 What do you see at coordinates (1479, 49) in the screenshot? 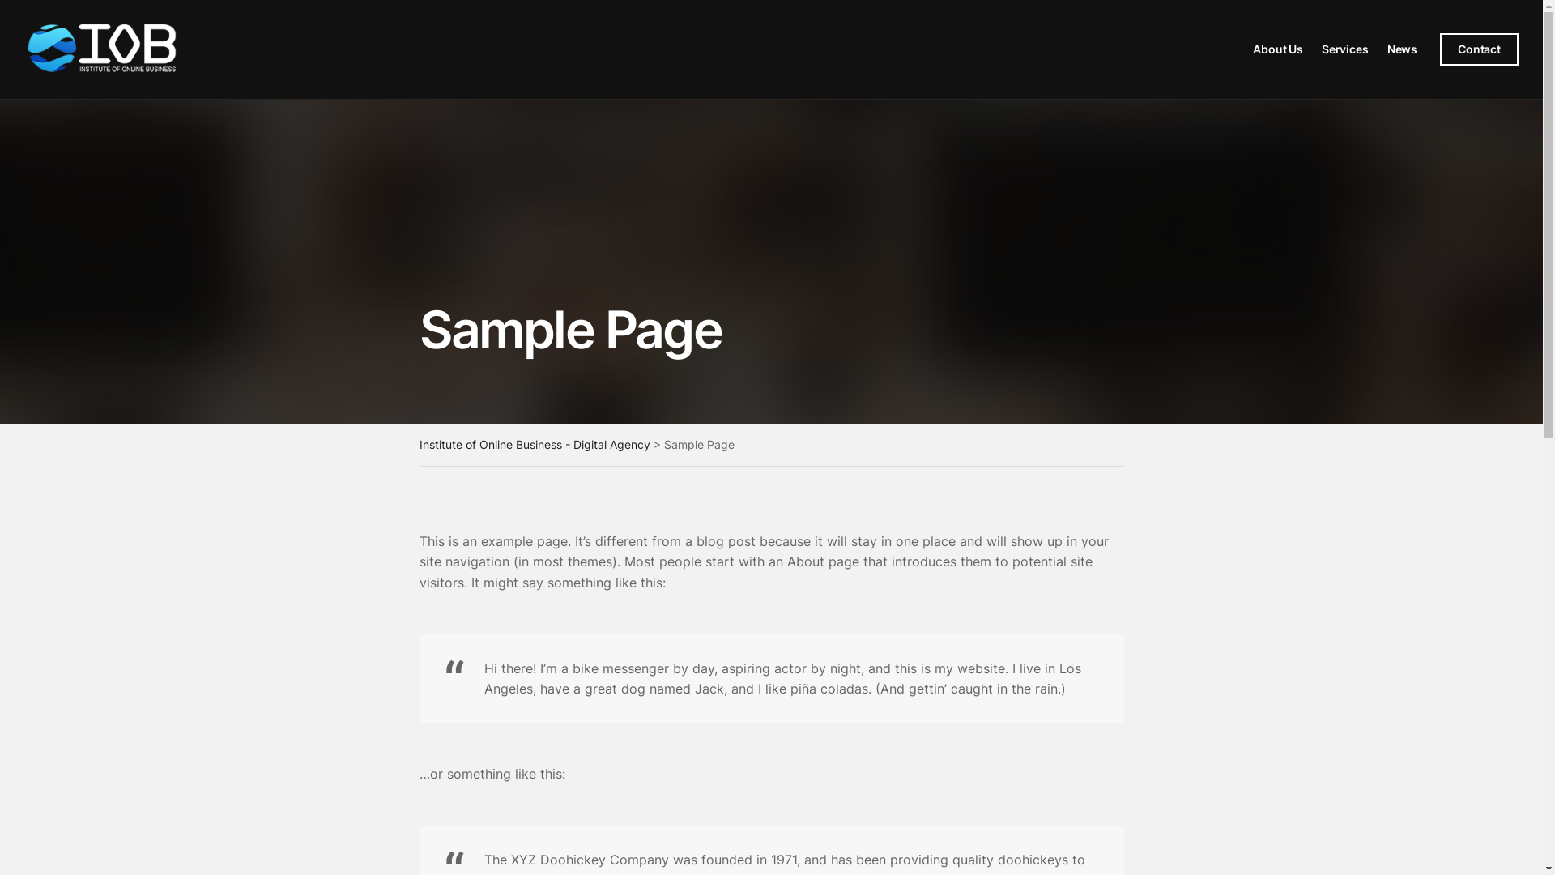
I see `'Contact'` at bounding box center [1479, 49].